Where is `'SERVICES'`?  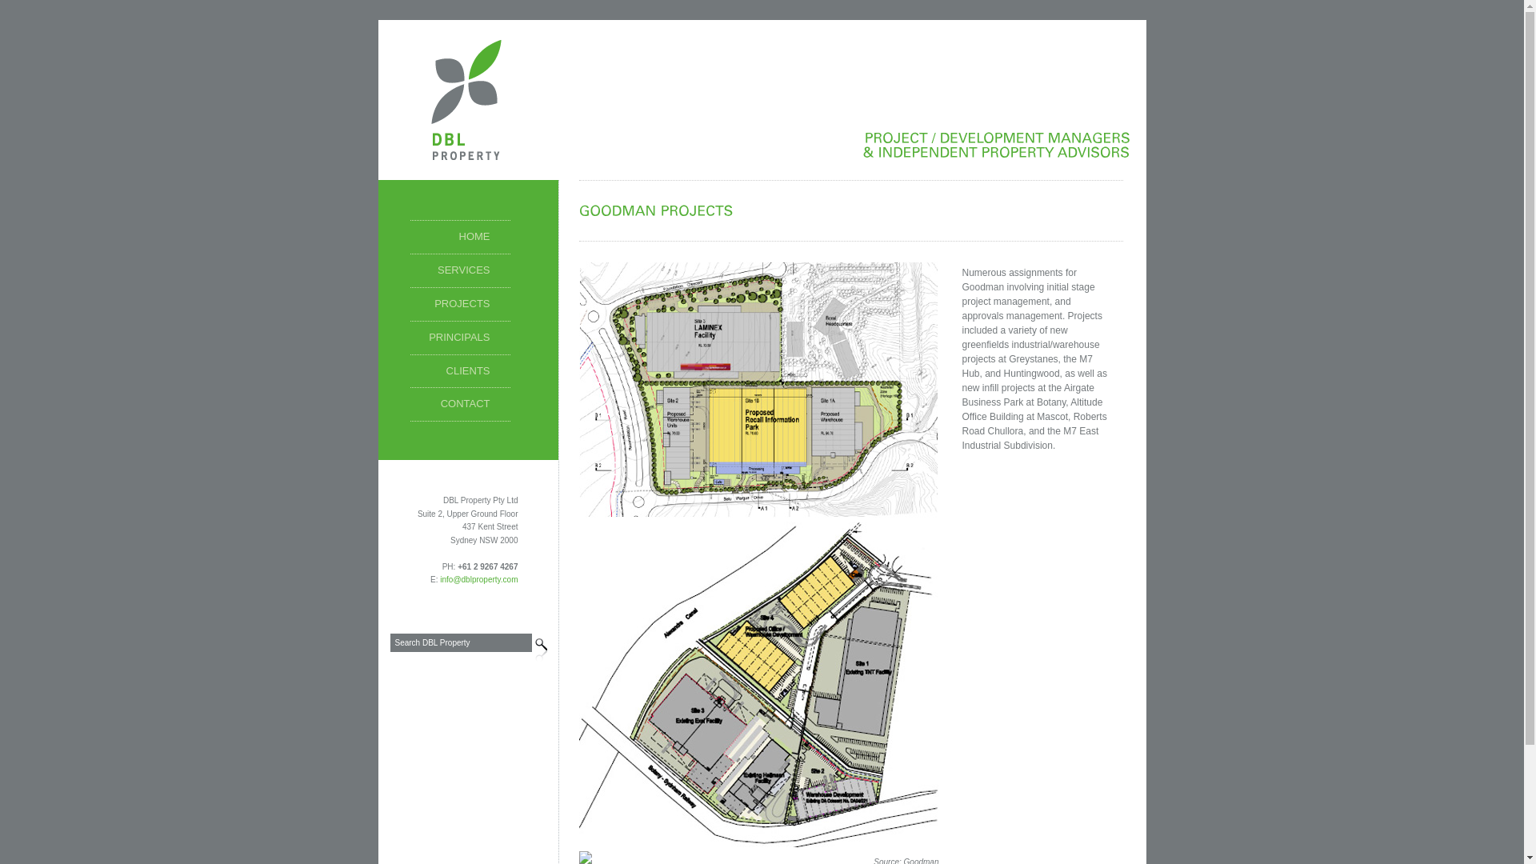 'SERVICES' is located at coordinates (458, 270).